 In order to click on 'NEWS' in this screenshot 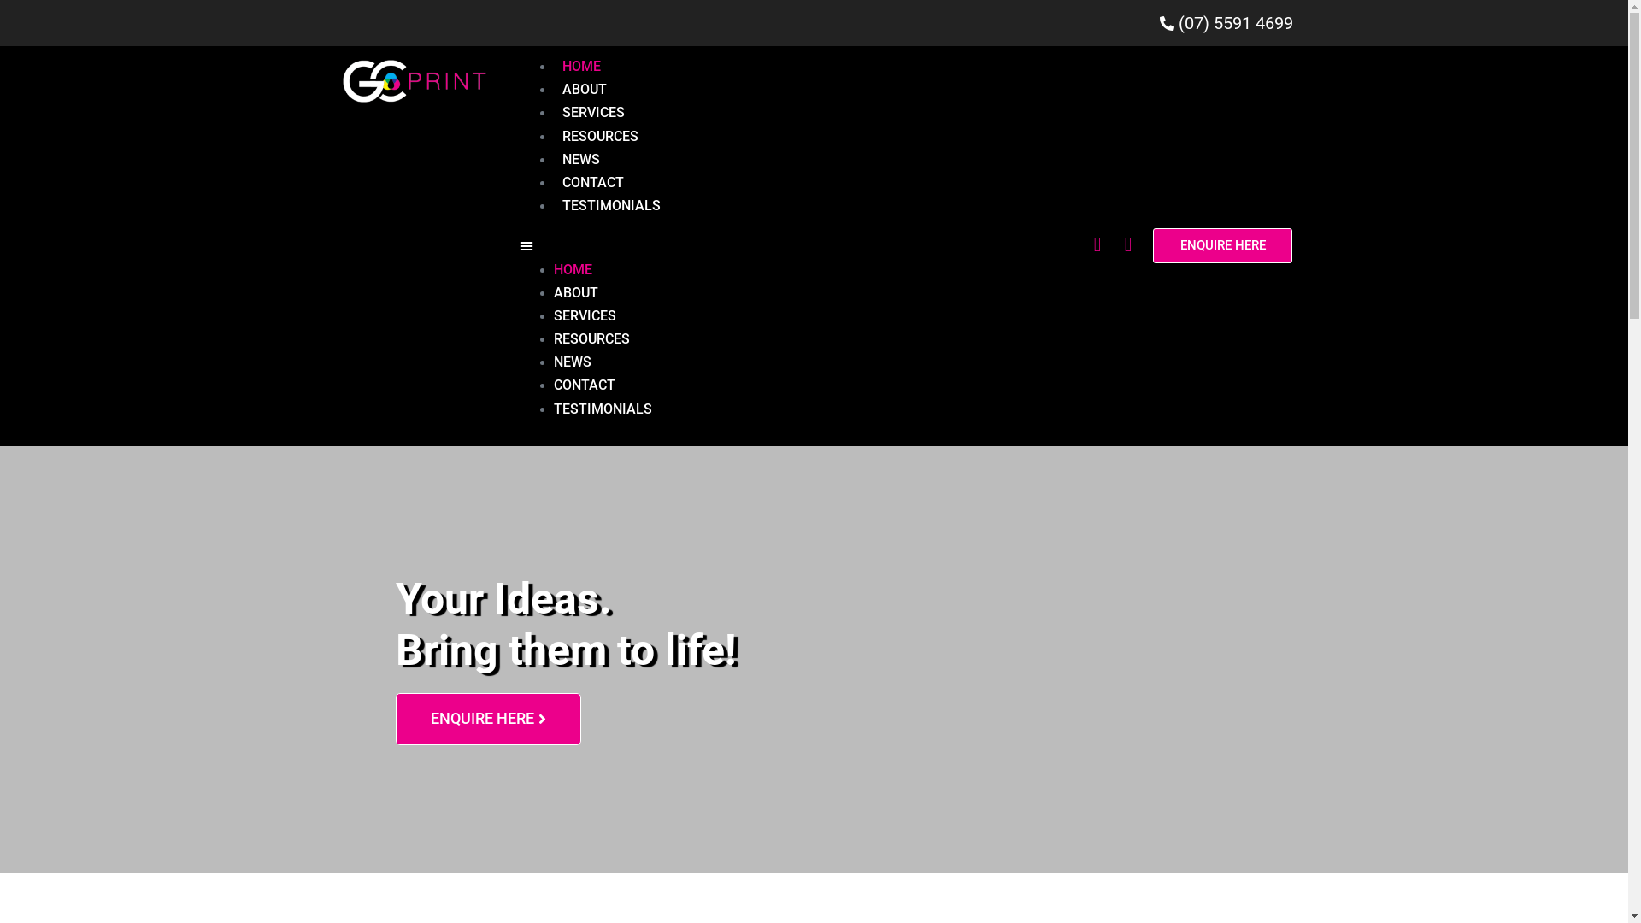, I will do `click(554, 159)`.